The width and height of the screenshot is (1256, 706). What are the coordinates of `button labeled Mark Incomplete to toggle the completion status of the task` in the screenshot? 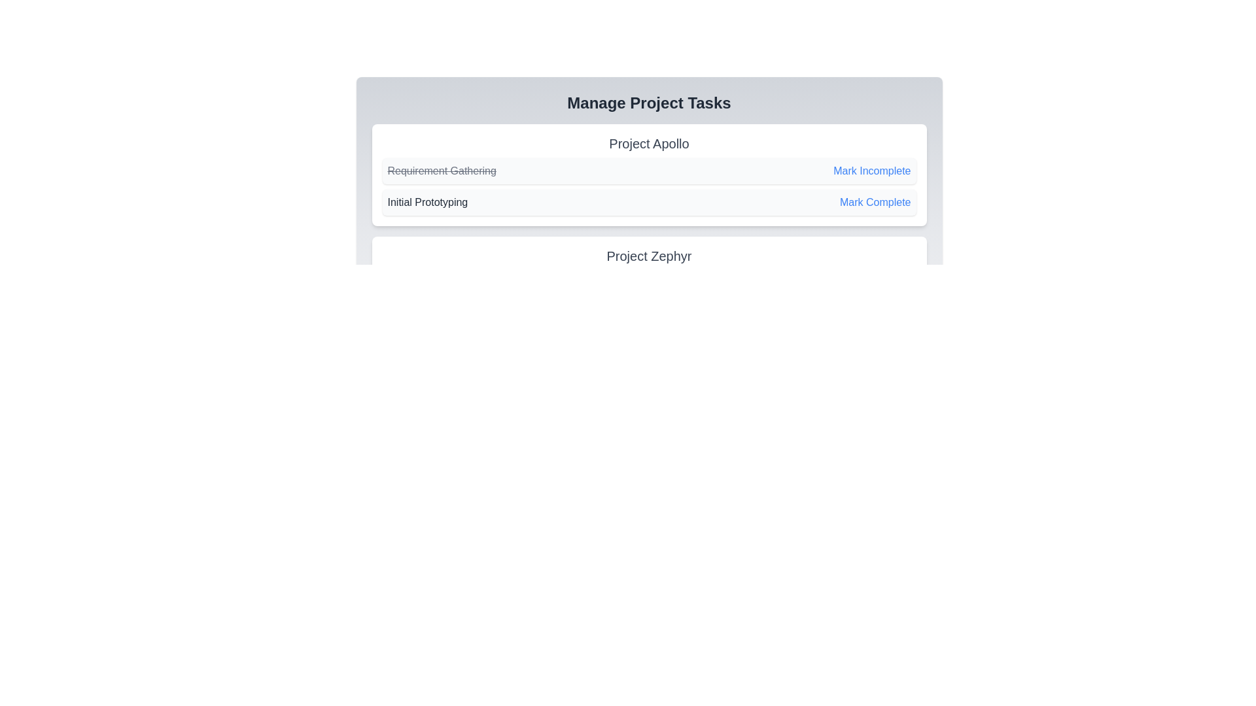 It's located at (872, 171).